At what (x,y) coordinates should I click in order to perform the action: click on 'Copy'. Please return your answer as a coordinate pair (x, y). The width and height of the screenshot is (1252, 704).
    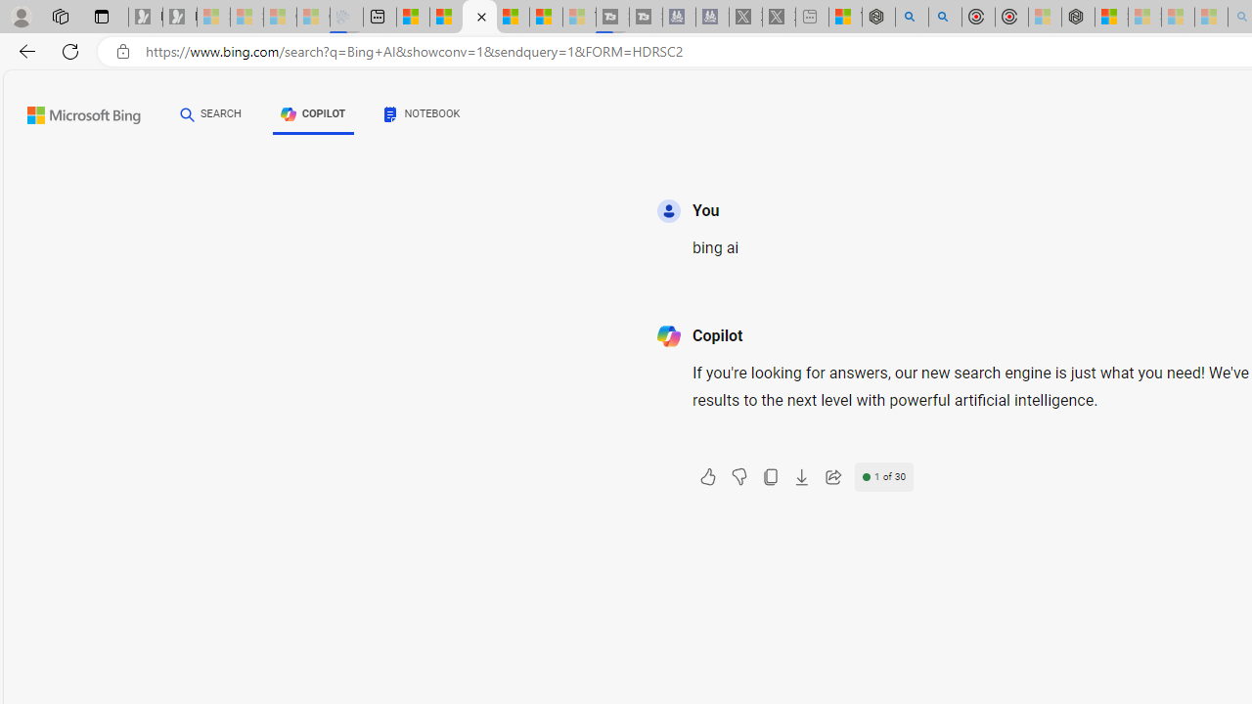
    Looking at the image, I should click on (769, 477).